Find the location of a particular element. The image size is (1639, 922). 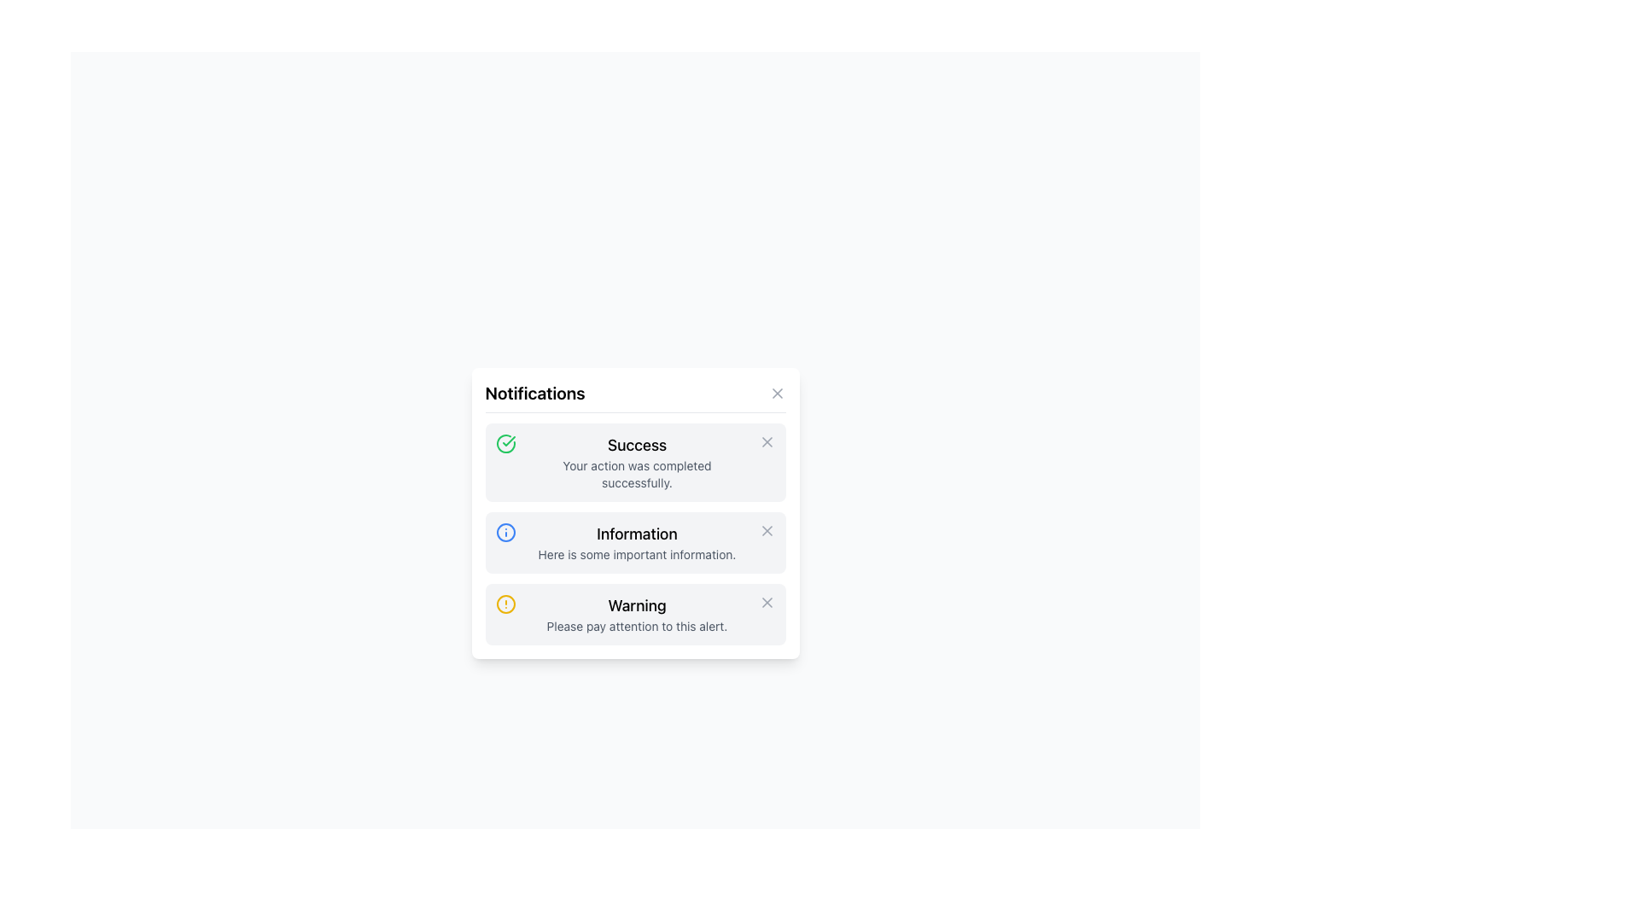

information displayed on the Notification card, which is the second card in a vertically stacked group of notification cards located centrally in the interface is located at coordinates (634, 542).